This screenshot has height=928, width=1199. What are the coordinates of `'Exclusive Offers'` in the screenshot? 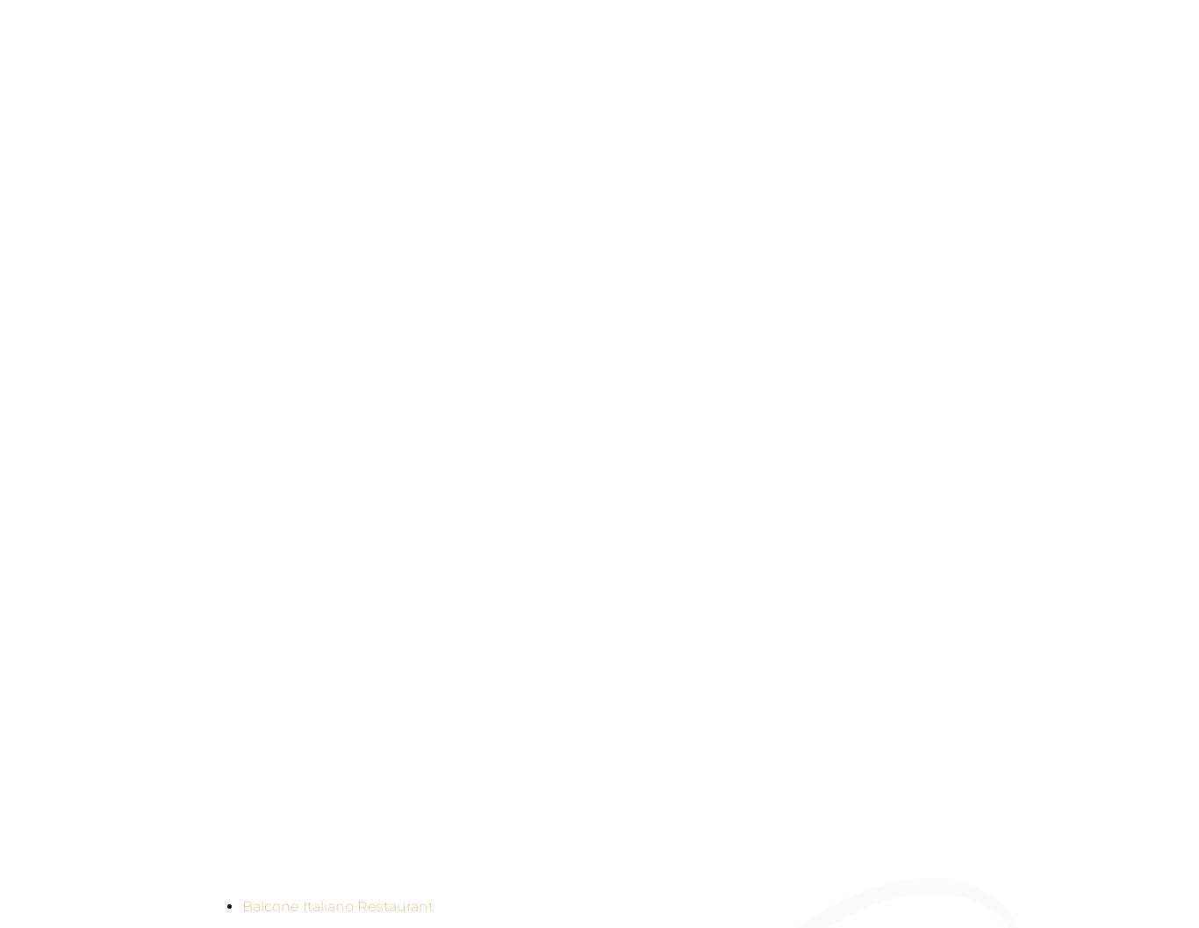 It's located at (356, 759).